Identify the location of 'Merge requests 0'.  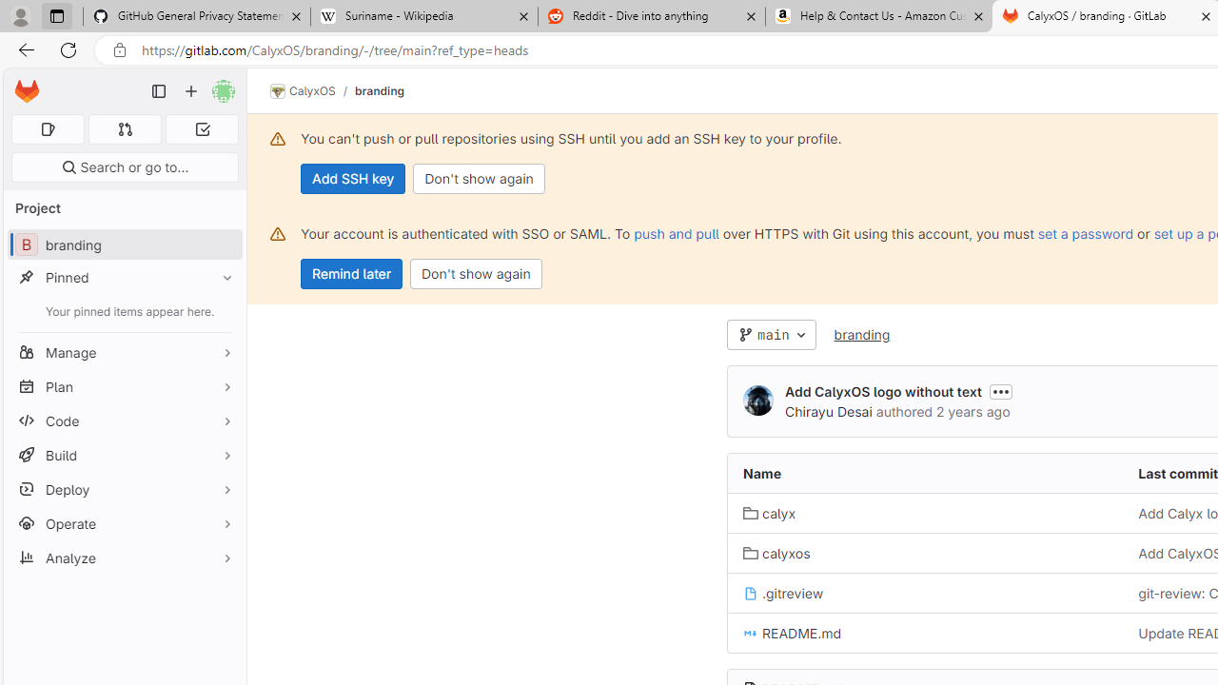
(124, 128).